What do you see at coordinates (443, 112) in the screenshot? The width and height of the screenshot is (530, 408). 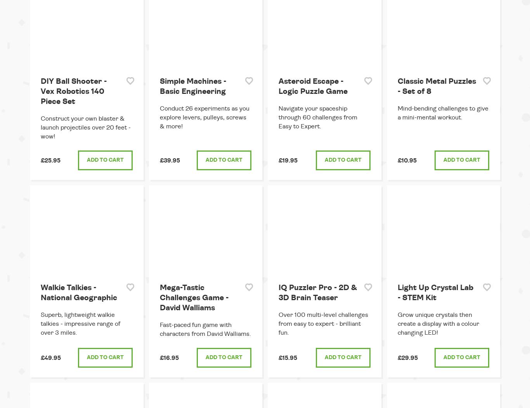 I see `'Mind-bending challenges to give a mini-mental workout.'` at bounding box center [443, 112].